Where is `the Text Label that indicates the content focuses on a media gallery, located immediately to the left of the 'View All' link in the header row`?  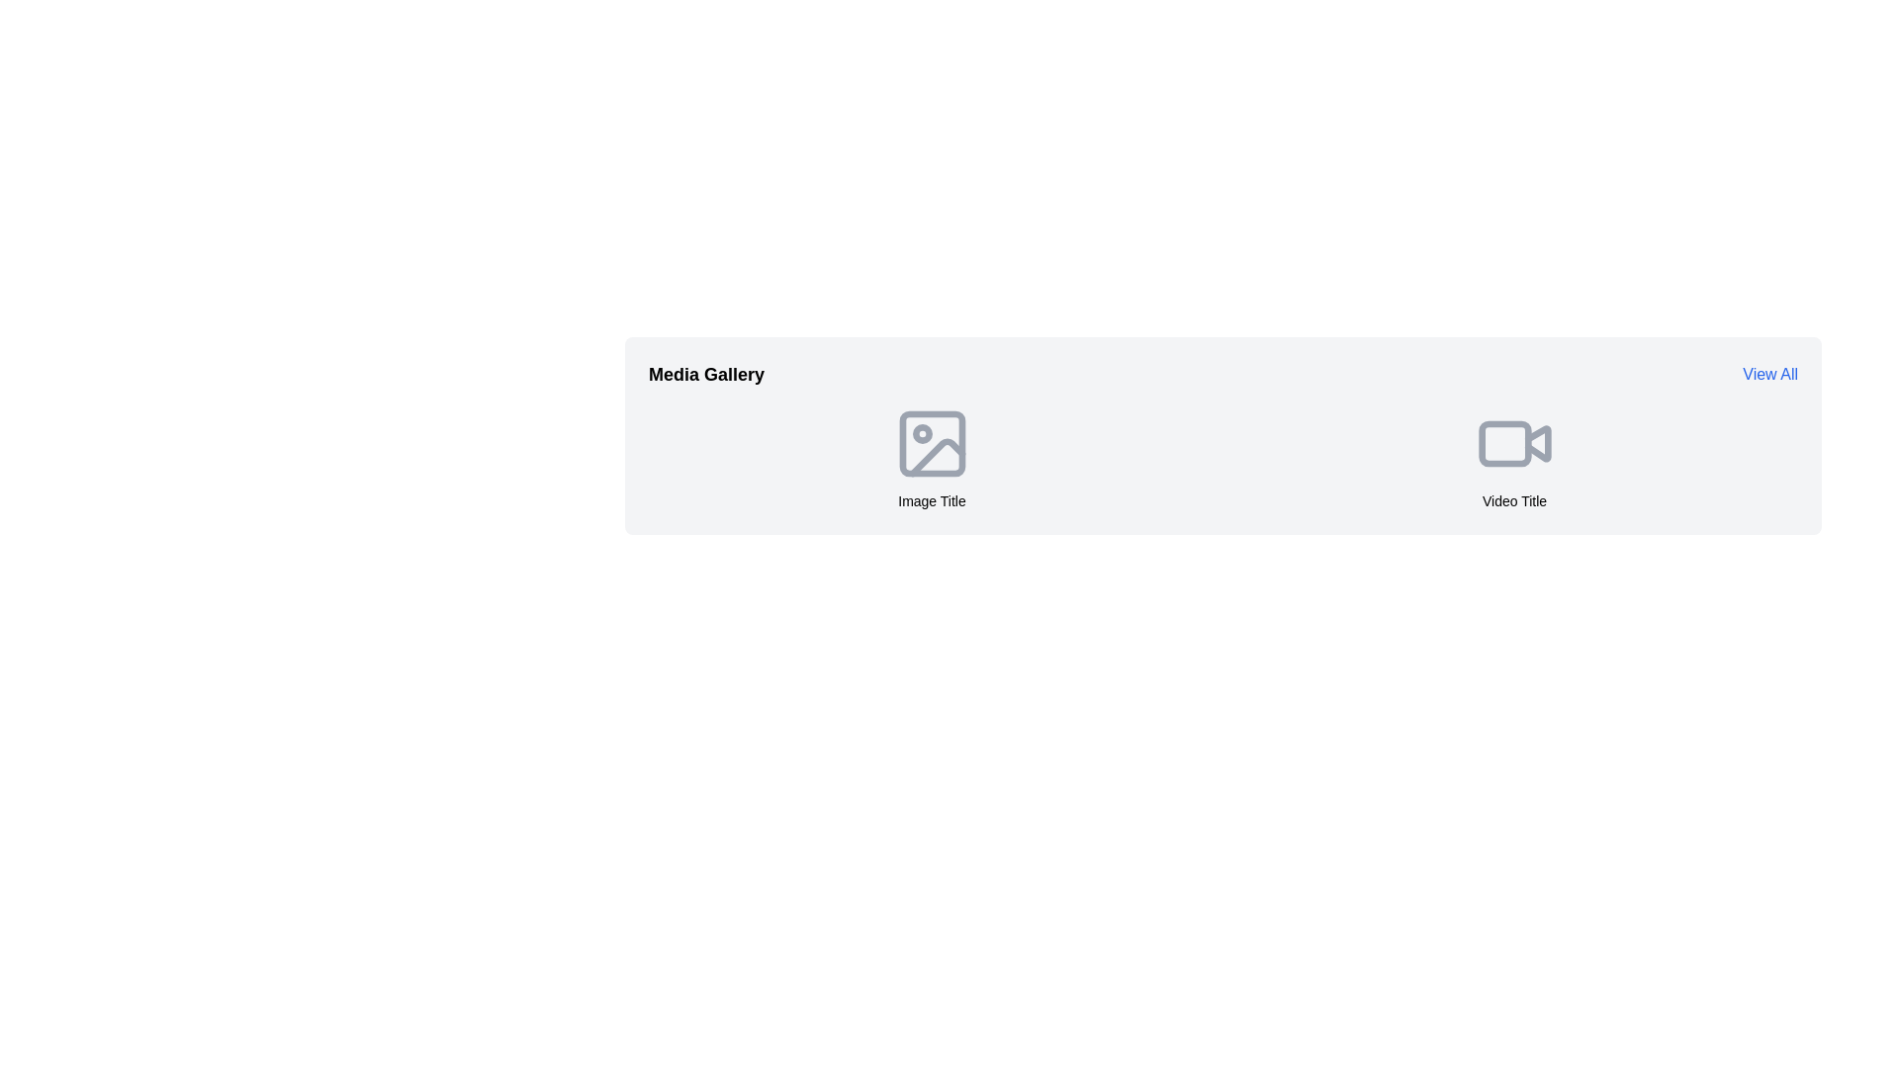 the Text Label that indicates the content focuses on a media gallery, located immediately to the left of the 'View All' link in the header row is located at coordinates (706, 374).